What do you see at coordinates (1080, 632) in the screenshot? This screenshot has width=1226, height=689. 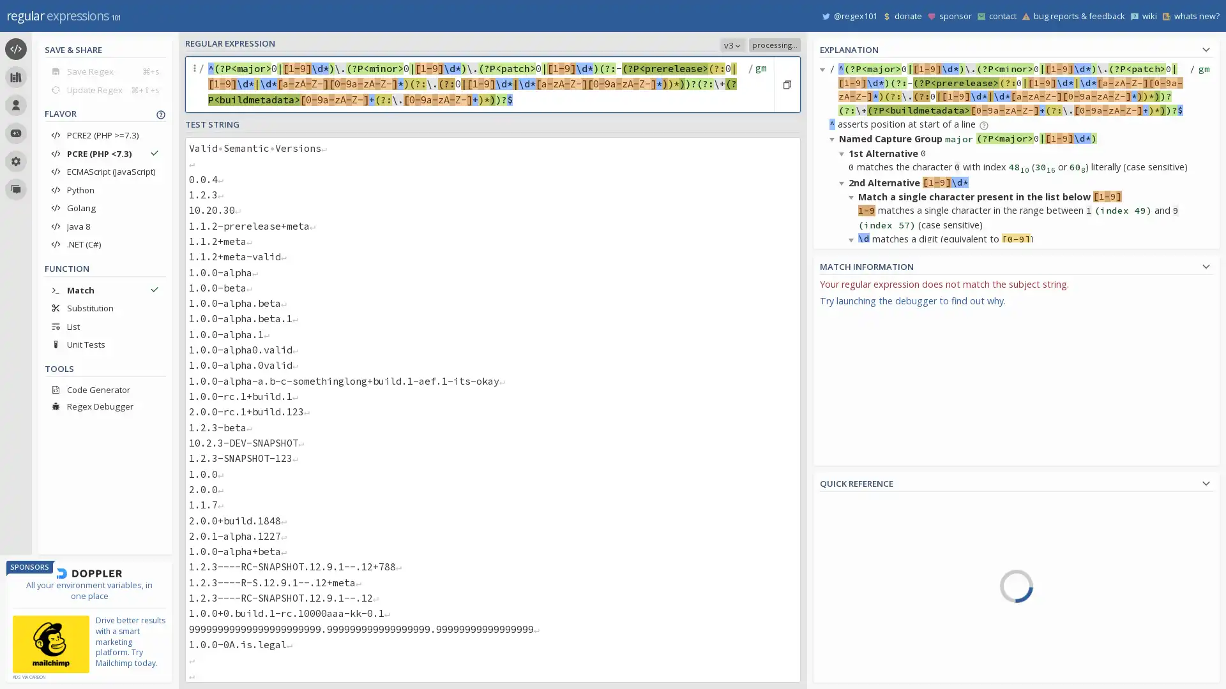 I see `Any whitespace character \s` at bounding box center [1080, 632].